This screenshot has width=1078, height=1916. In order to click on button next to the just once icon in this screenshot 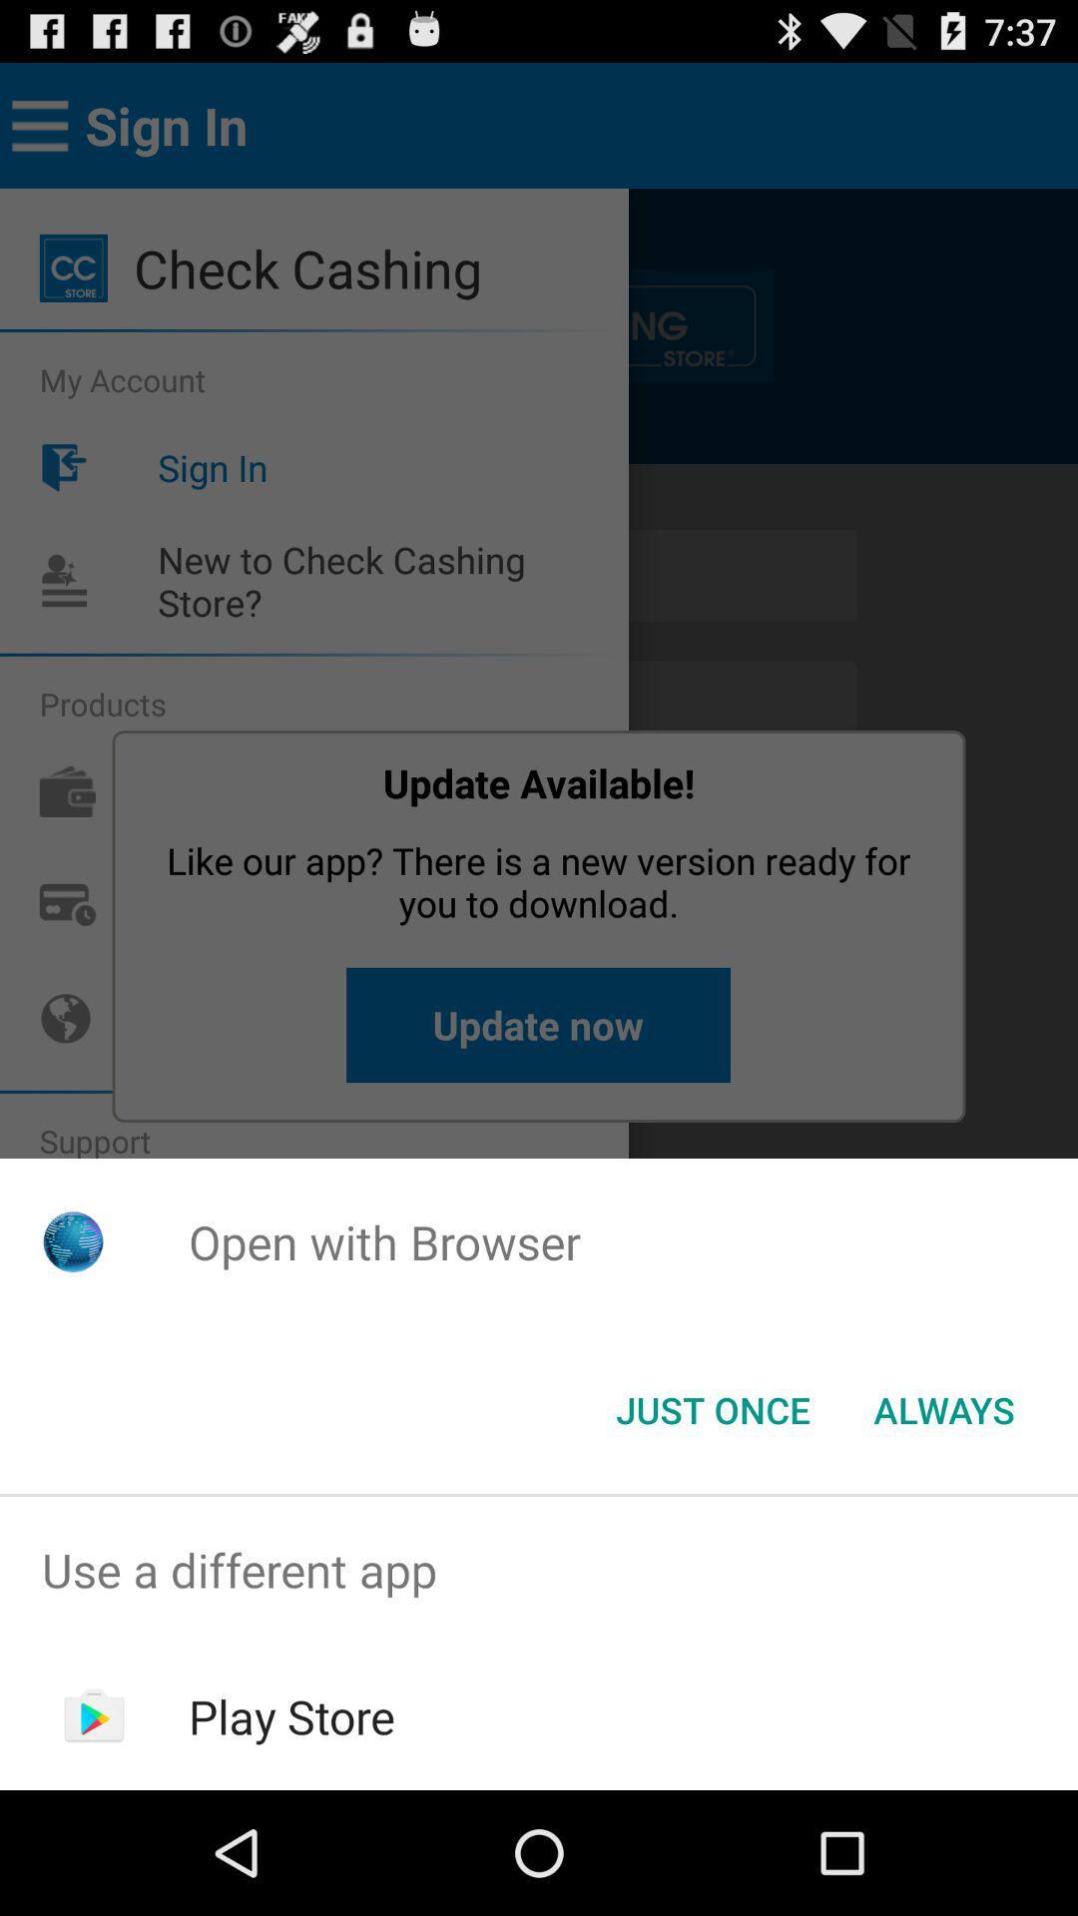, I will do `click(943, 1408)`.